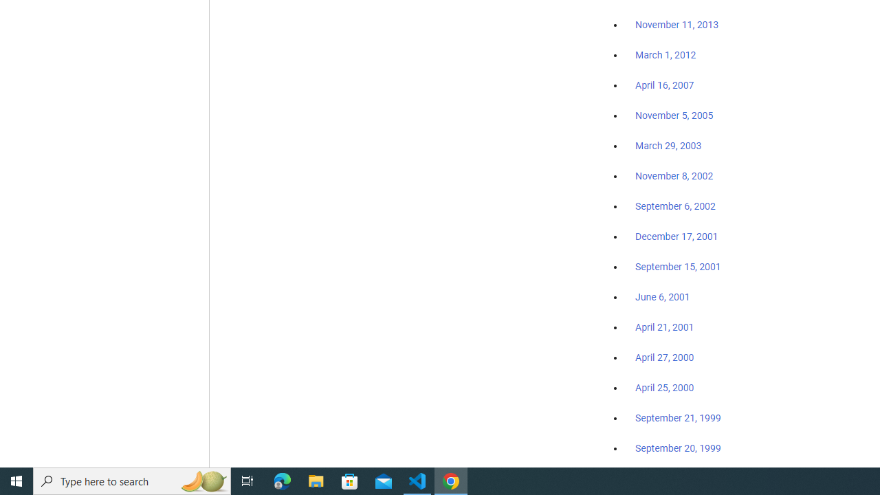  Describe the element at coordinates (678, 417) in the screenshot. I see `'September 21, 1999'` at that location.